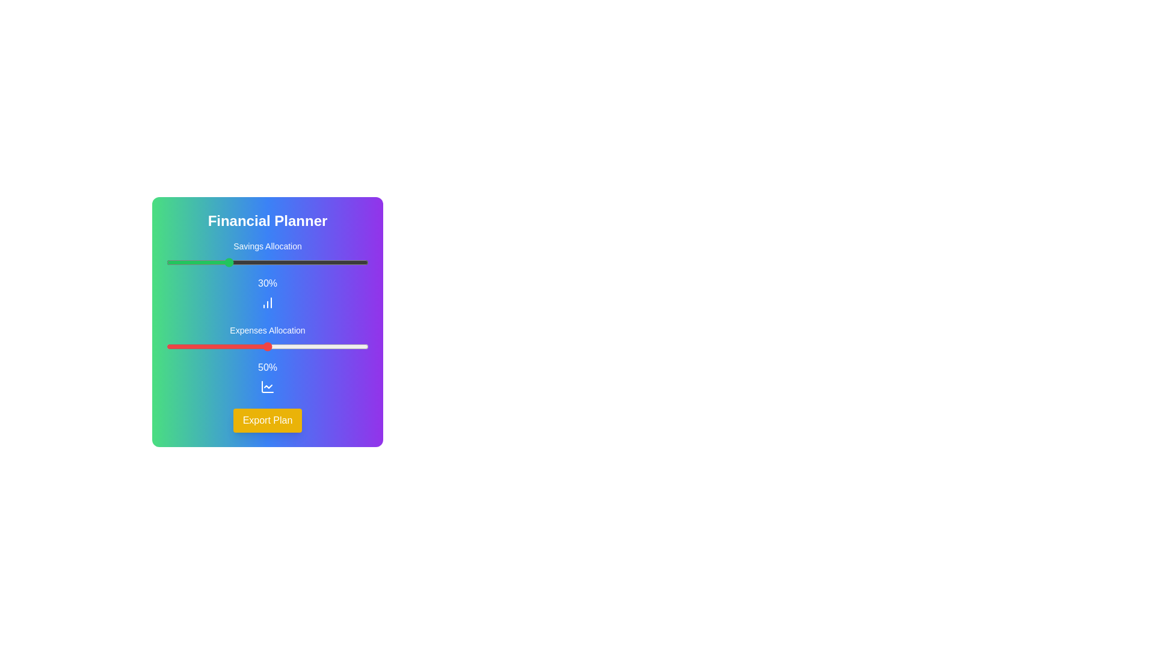 Image resolution: width=1155 pixels, height=649 pixels. I want to click on the expenses allocation slider, so click(304, 347).